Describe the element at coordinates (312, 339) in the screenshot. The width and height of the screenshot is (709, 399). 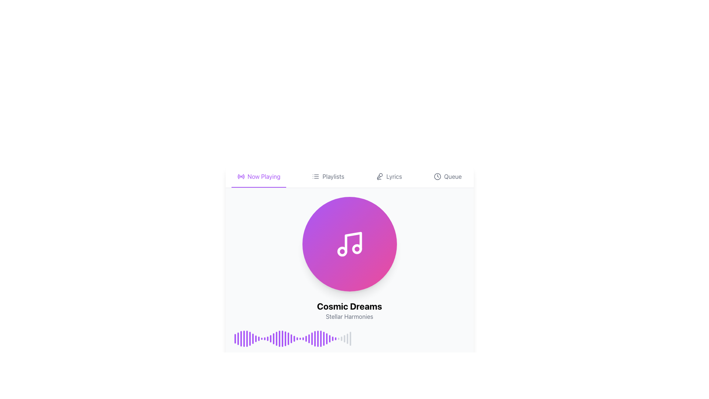
I see `the 27th purple decorative visual bar element in the audio waveform visualization of the music player interface` at that location.